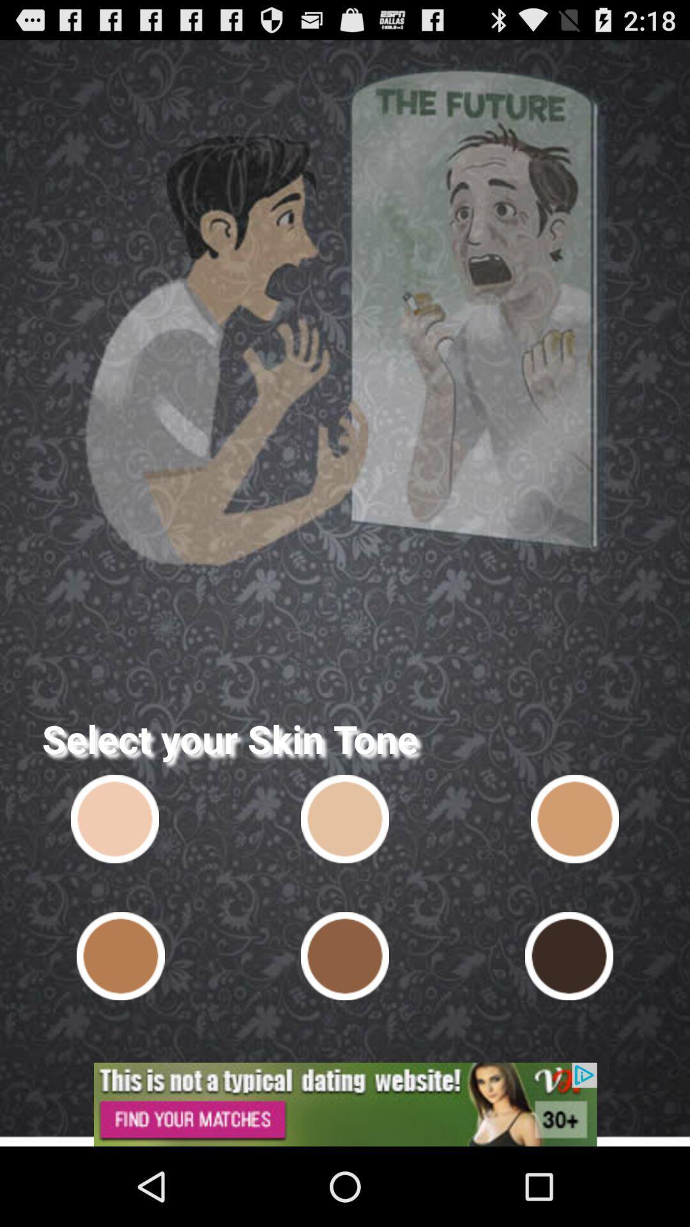 The width and height of the screenshot is (690, 1227). What do you see at coordinates (345, 956) in the screenshot?
I see `color option` at bounding box center [345, 956].